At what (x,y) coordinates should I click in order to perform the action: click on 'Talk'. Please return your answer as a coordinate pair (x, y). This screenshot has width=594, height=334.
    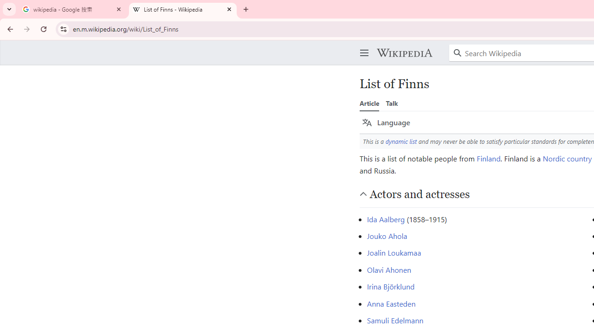
    Looking at the image, I should click on (392, 103).